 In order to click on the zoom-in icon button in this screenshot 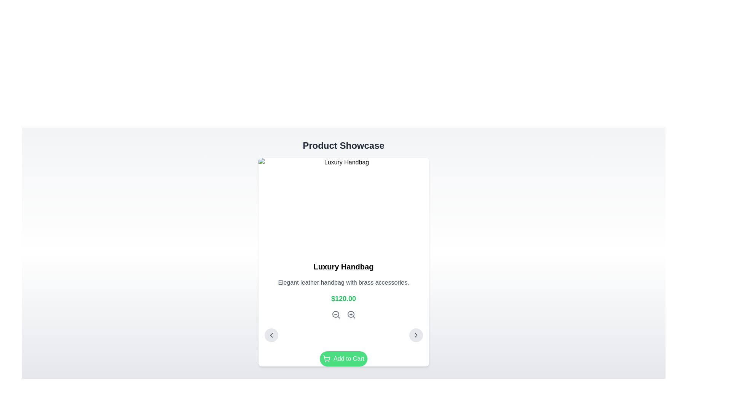, I will do `click(351, 314)`.